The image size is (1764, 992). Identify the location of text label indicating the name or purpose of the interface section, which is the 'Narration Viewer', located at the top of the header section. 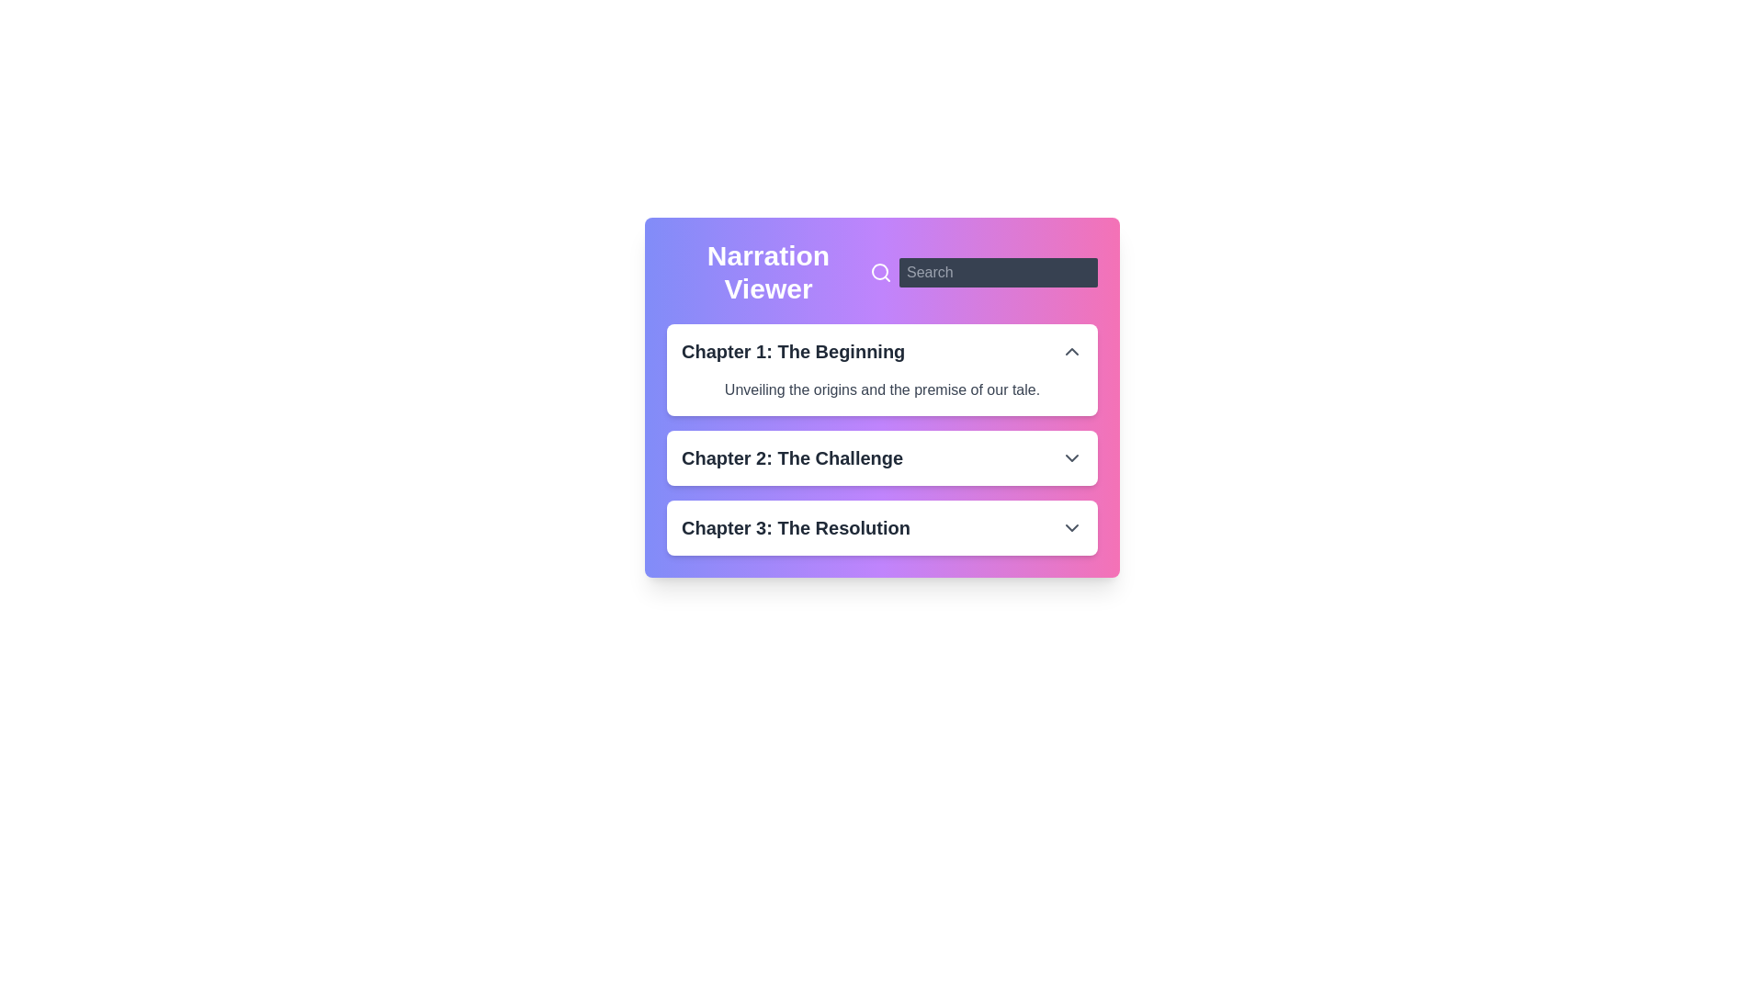
(768, 273).